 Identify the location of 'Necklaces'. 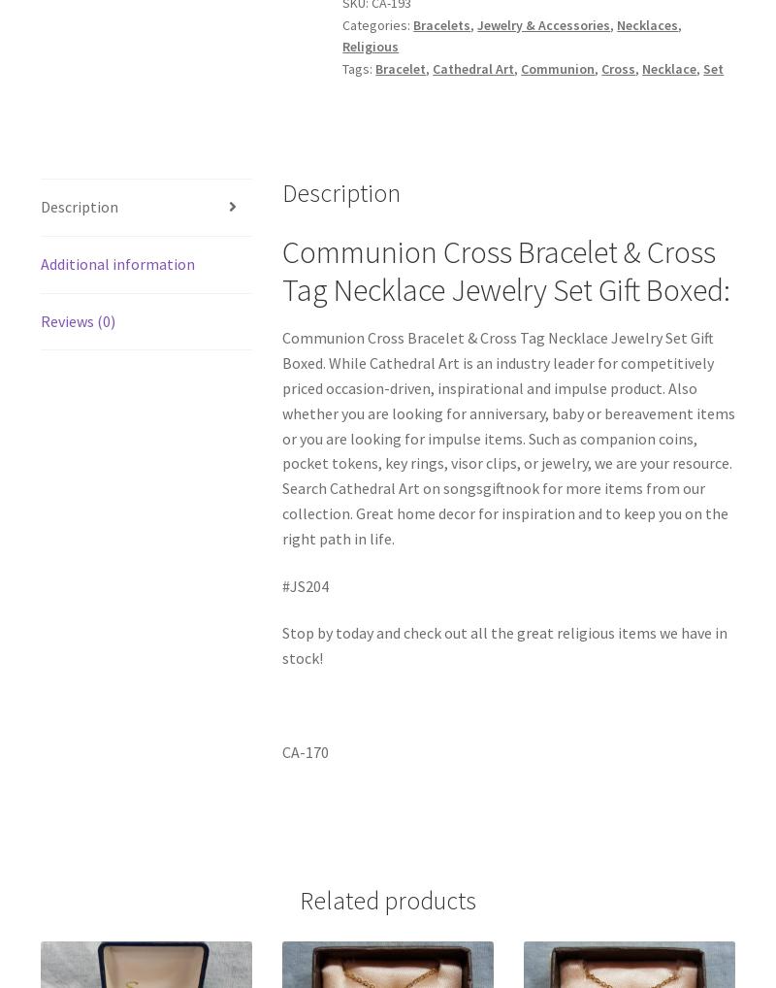
(647, 23).